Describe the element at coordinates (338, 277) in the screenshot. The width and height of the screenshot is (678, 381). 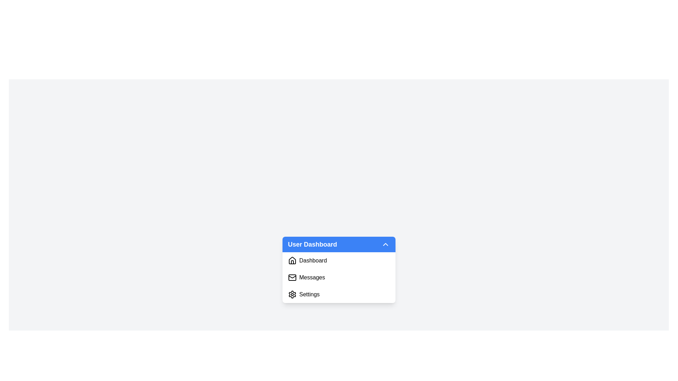
I see `the 'Messages' navigation list item to activate its hover effect, which is the second item in the vertical list within the white card interface` at that location.